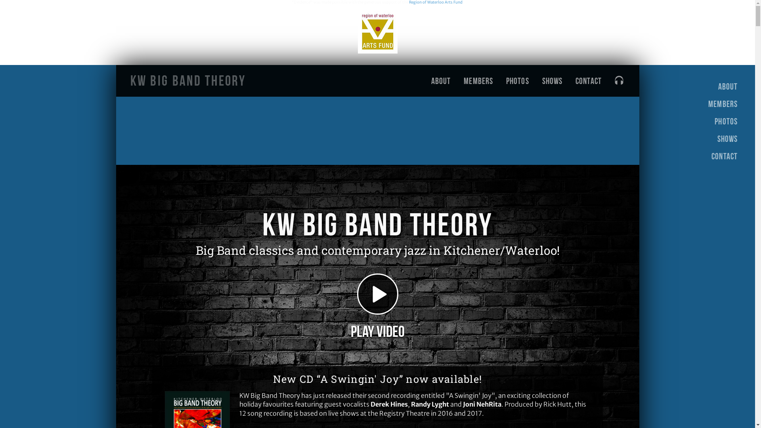 This screenshot has height=428, width=761. Describe the element at coordinates (435, 2) in the screenshot. I see `'Region of Waterloo Arts Fund'` at that location.